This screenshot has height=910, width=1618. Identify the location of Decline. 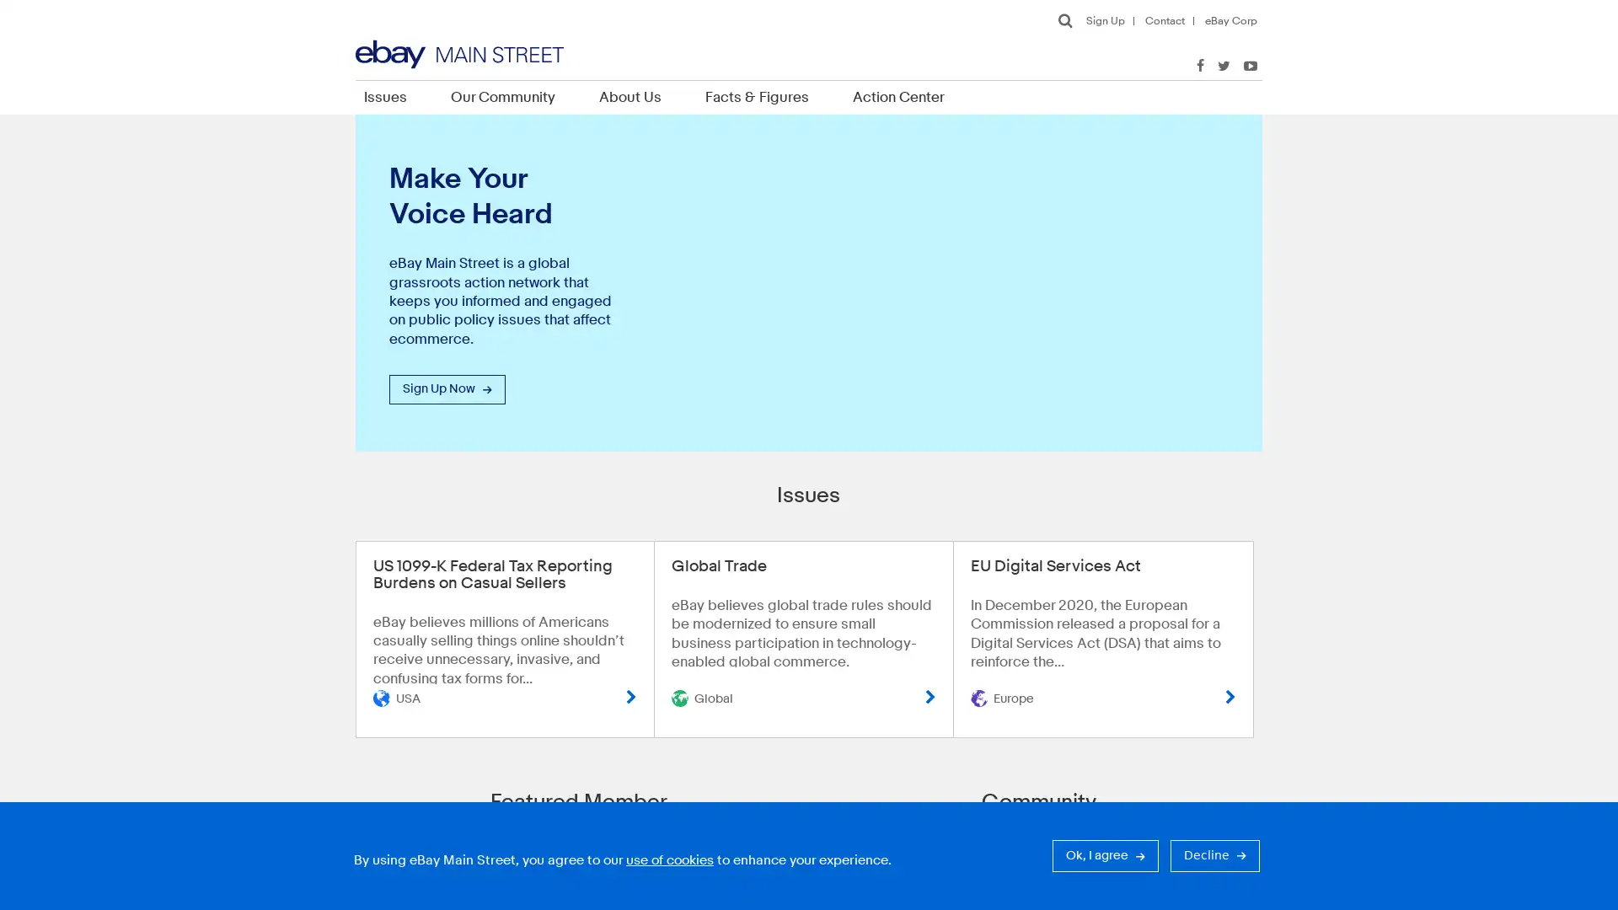
(1214, 855).